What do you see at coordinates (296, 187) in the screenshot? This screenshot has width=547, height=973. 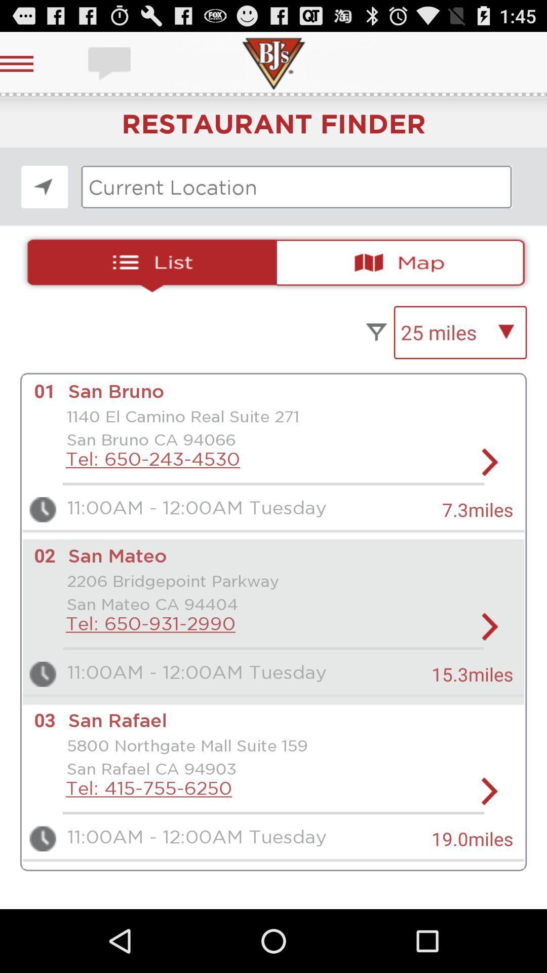 I see `input current location` at bounding box center [296, 187].